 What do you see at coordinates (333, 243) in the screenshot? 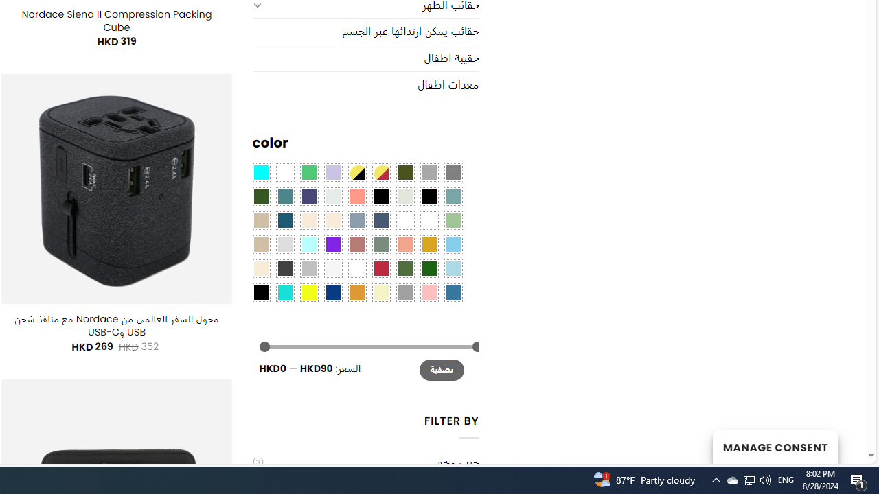
I see `'Purple'` at bounding box center [333, 243].